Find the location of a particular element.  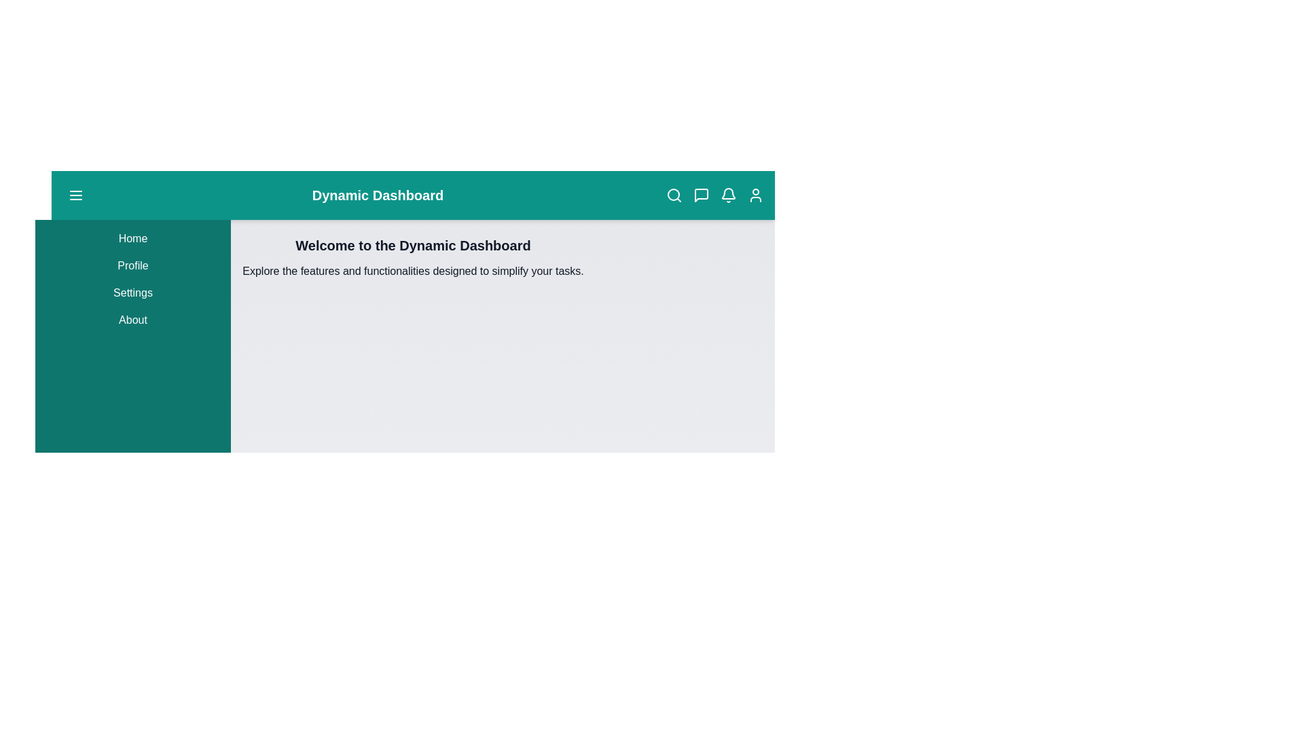

the search icon in the app bar is located at coordinates (674, 195).